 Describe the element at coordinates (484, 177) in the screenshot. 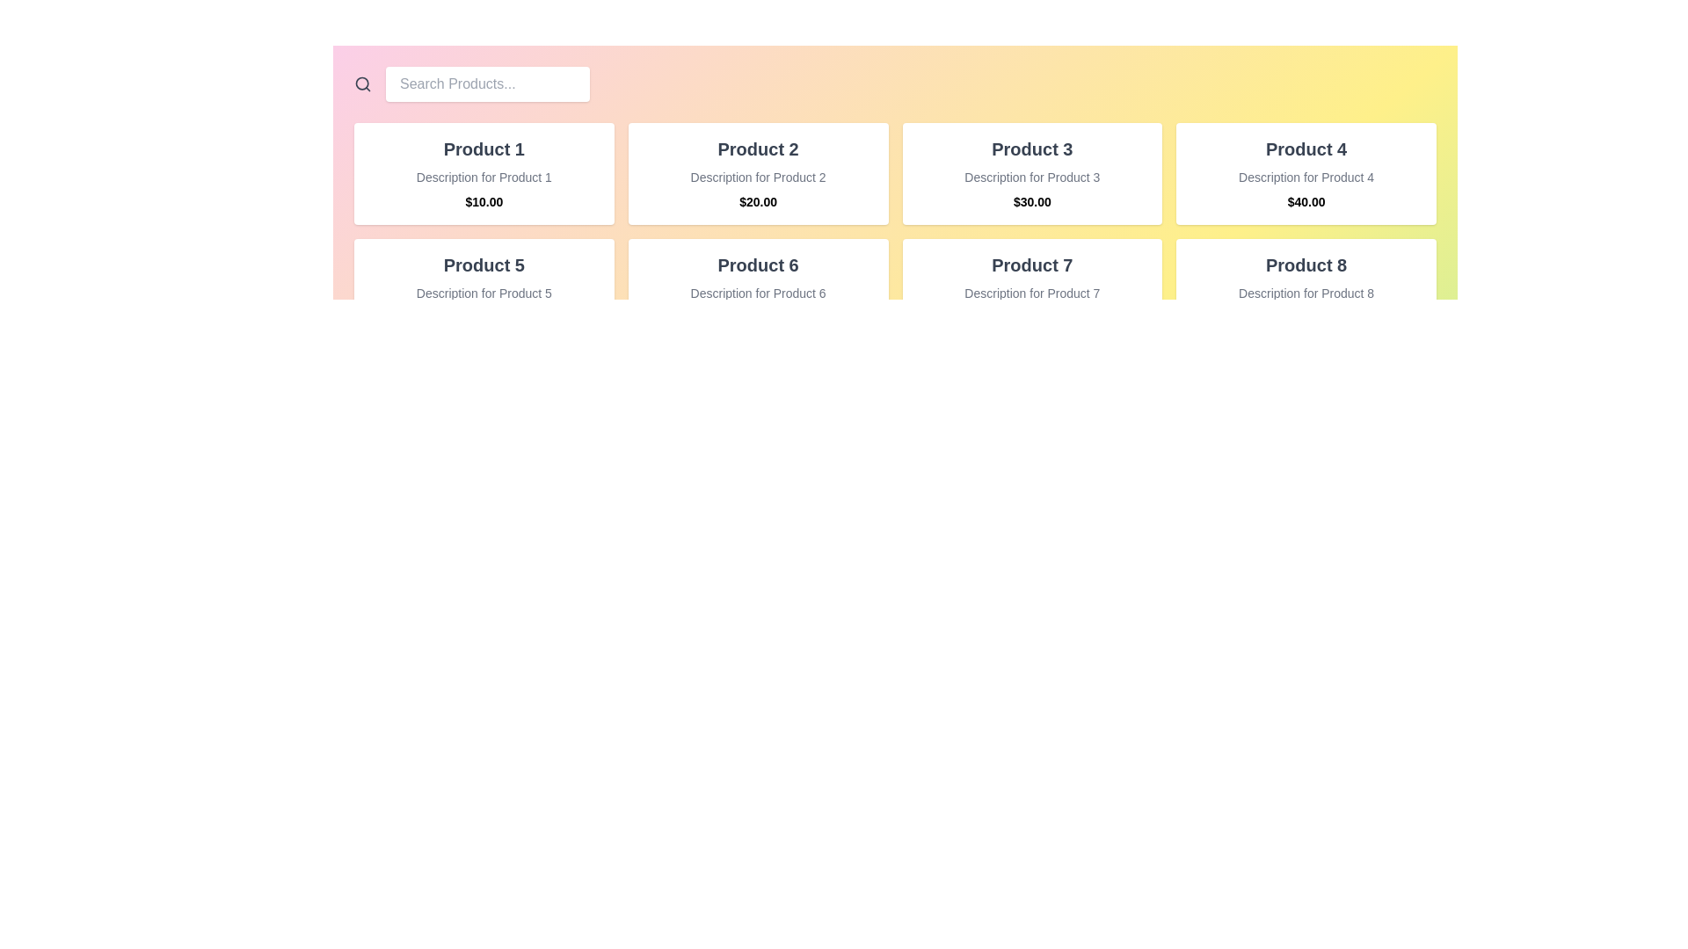

I see `the text label that reads 'Description for Product 1', which is styled in gray and positioned between the title 'Product 1' and the price '$10.00'` at that location.